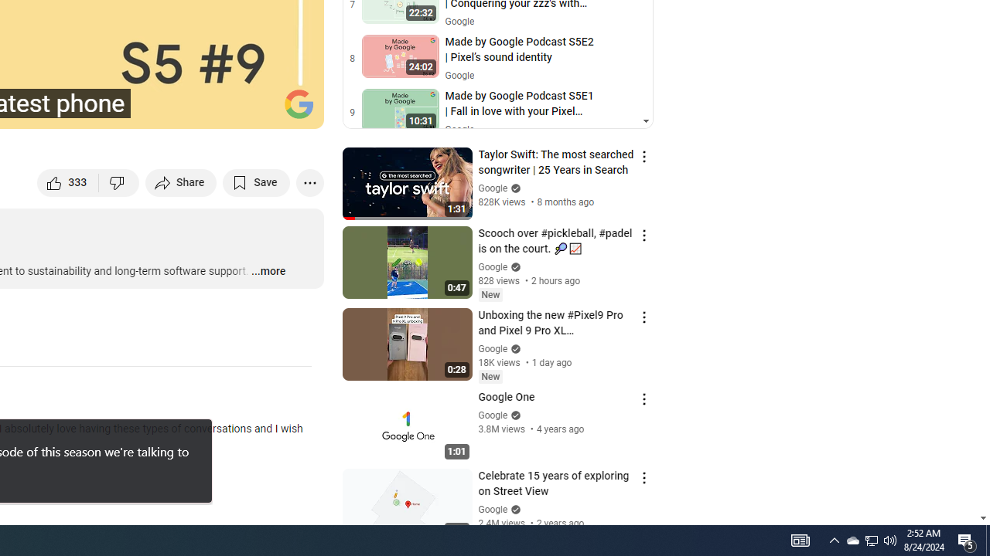 The height and width of the screenshot is (556, 990). Describe the element at coordinates (299, 104) in the screenshot. I see `'Channel watermark'` at that location.